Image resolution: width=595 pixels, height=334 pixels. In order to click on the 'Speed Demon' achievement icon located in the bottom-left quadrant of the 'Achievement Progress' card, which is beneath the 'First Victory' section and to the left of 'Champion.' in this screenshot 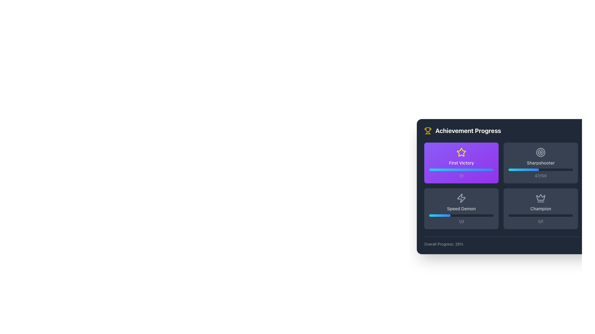, I will do `click(461, 198)`.